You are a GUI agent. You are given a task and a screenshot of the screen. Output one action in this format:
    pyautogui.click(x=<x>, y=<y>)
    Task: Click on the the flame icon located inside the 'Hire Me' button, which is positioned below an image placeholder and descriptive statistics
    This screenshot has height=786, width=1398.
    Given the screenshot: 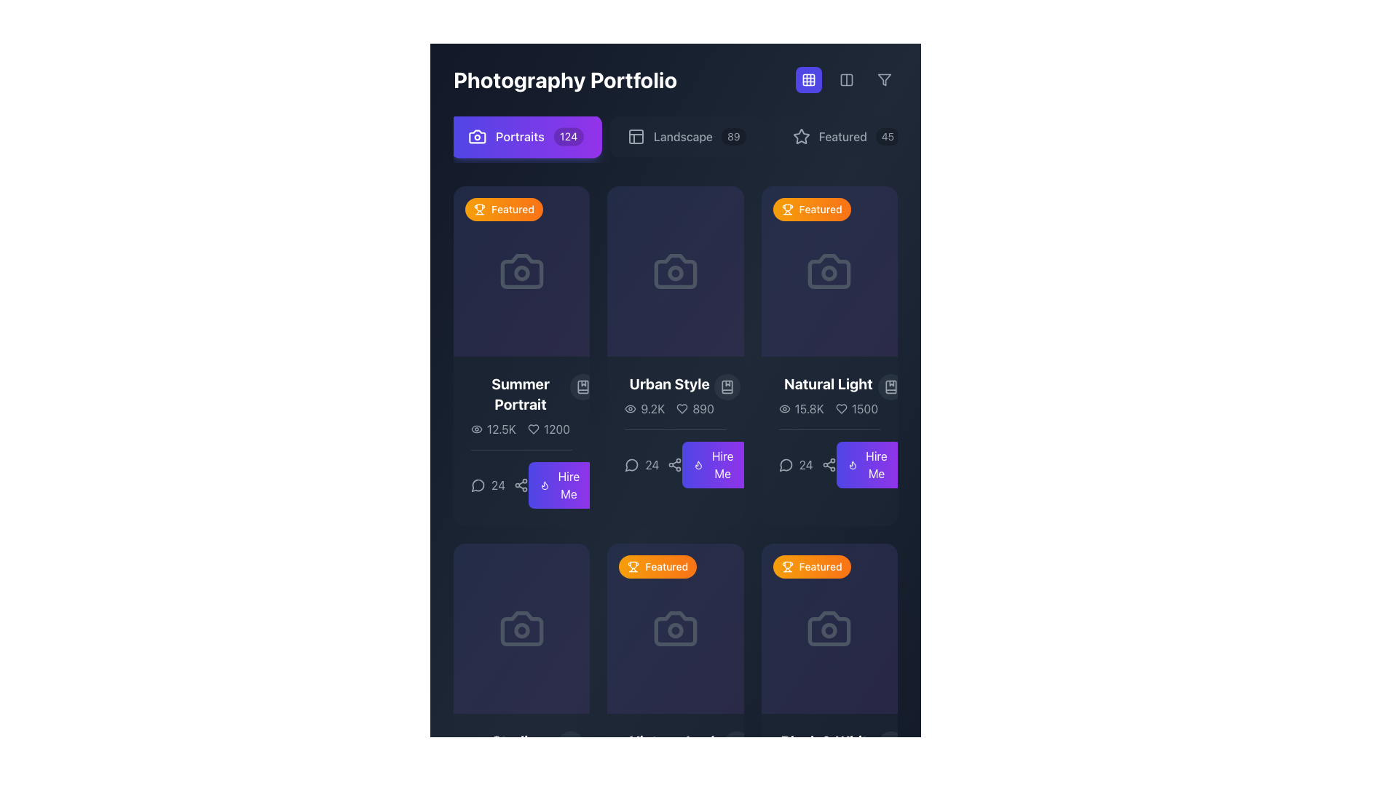 What is the action you would take?
    pyautogui.click(x=544, y=485)
    